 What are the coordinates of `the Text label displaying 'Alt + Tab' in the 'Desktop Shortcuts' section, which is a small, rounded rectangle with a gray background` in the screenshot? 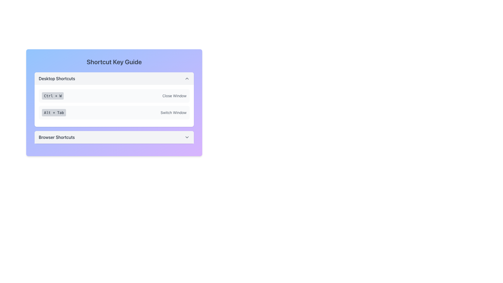 It's located at (54, 112).